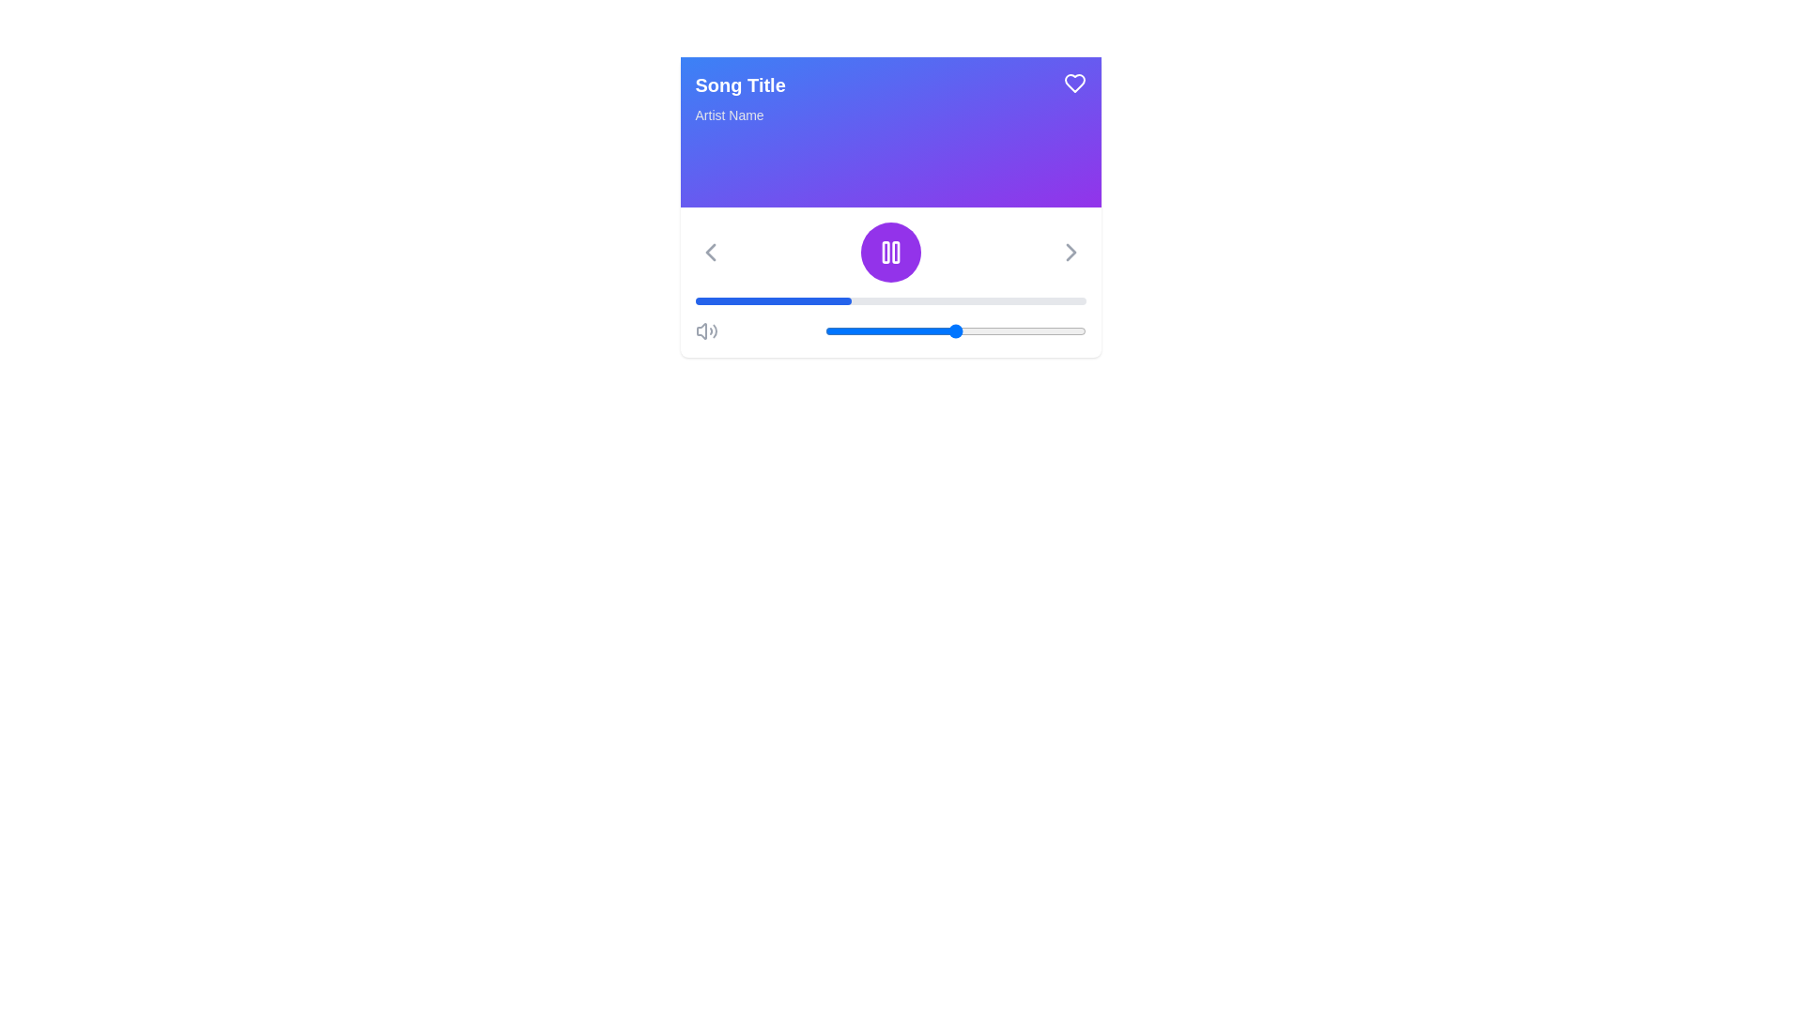 The width and height of the screenshot is (1803, 1014). I want to click on the slider value, so click(921, 330).